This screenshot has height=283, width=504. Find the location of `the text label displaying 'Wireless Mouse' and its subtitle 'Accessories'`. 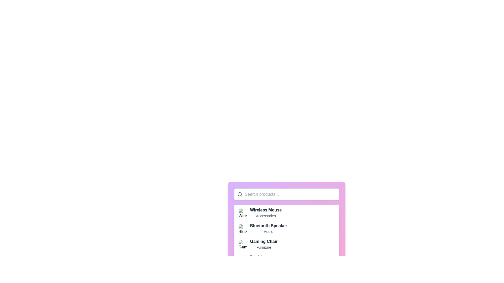

the text label displaying 'Wireless Mouse' and its subtitle 'Accessories' is located at coordinates (266, 213).